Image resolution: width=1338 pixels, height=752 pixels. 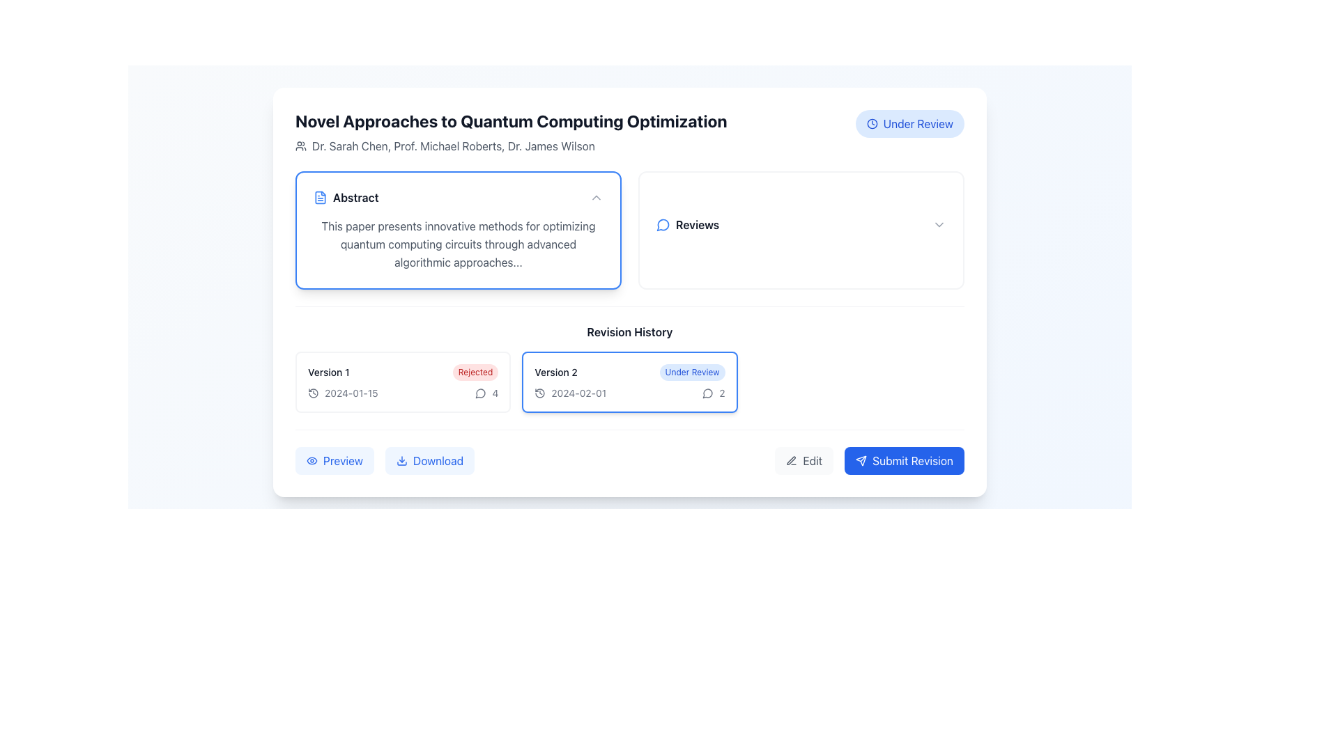 What do you see at coordinates (351, 393) in the screenshot?
I see `the date display text label located in the 'Version History' section, directly below 'Version 1'` at bounding box center [351, 393].